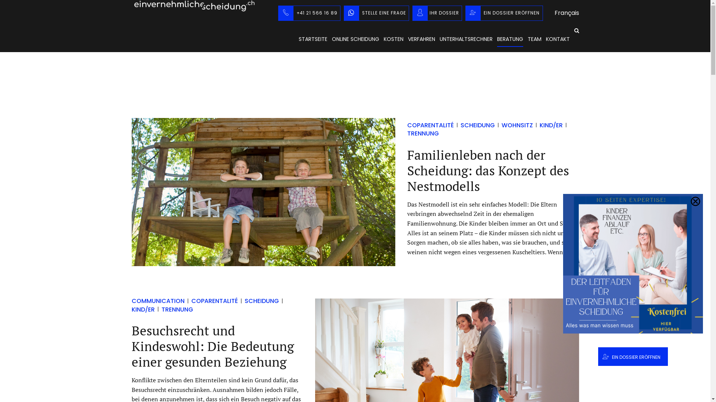  Describe the element at coordinates (331, 39) in the screenshot. I see `'ONLINE SCHEIDUNG'` at that location.